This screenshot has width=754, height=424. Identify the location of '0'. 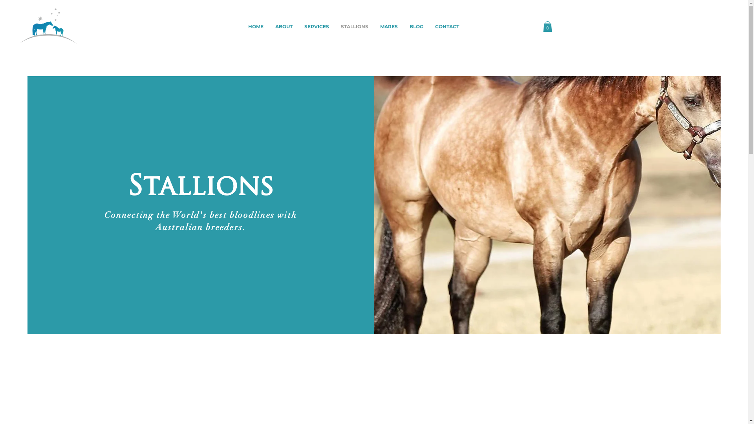
(547, 26).